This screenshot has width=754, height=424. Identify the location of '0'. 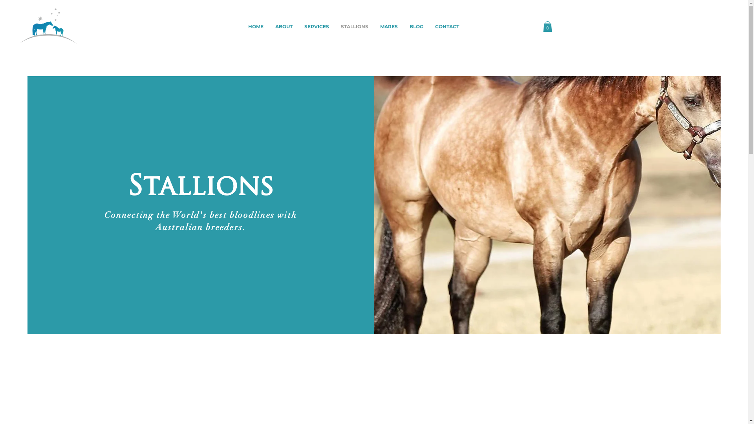
(547, 26).